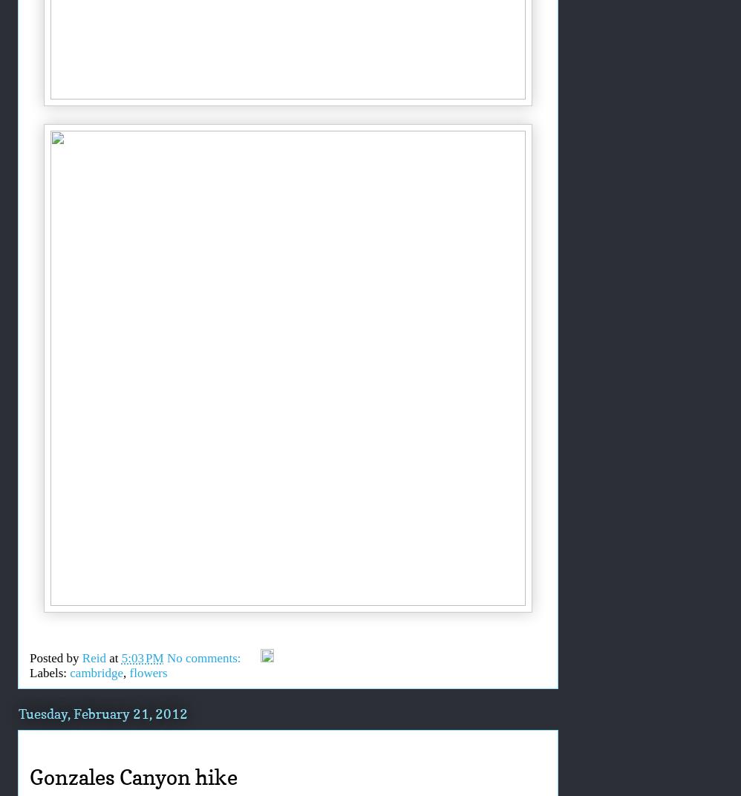 The image size is (741, 796). What do you see at coordinates (120, 658) in the screenshot?
I see `'5:03 PM'` at bounding box center [120, 658].